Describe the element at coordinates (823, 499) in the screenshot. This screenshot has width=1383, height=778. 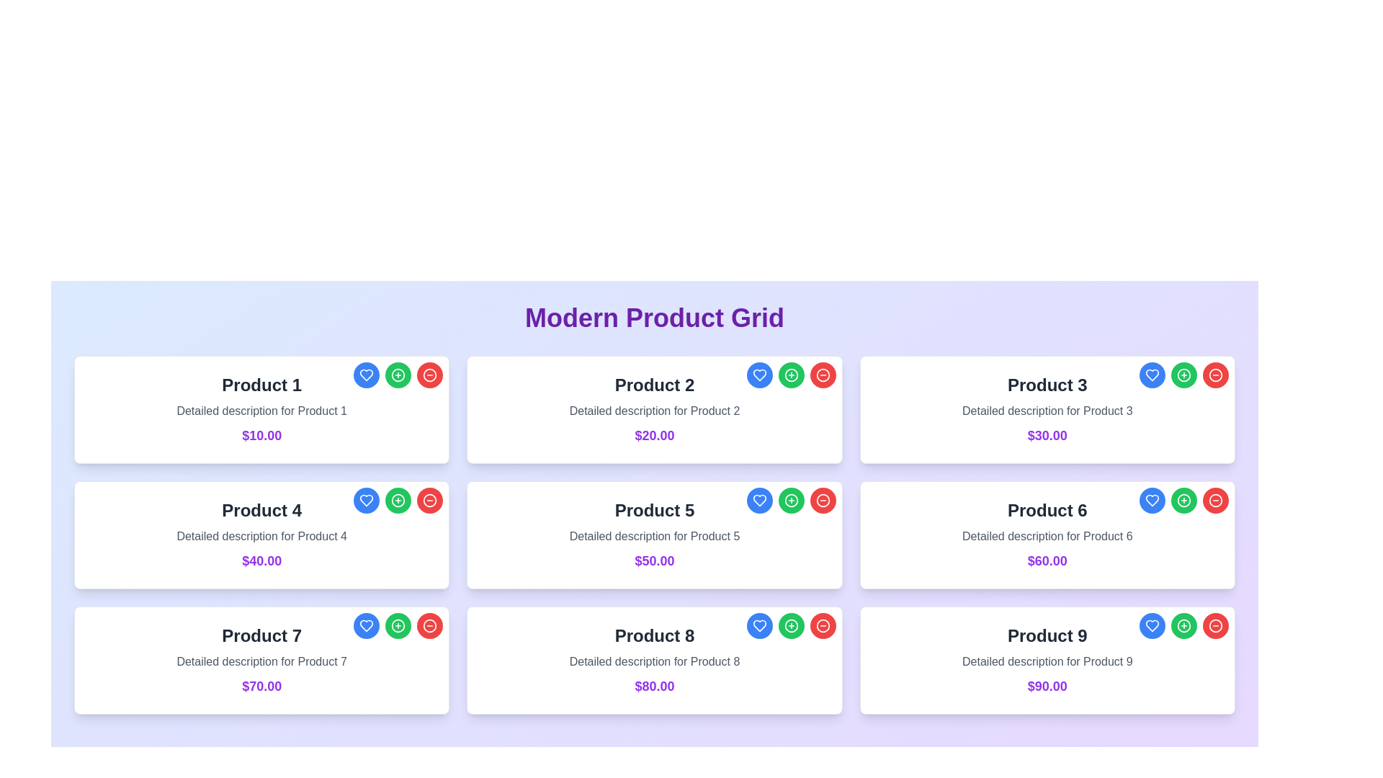
I see `the 'Remove' button for 'Product 5', which is the last button in a group of three circular buttons at the top-right corner of the product card` at that location.